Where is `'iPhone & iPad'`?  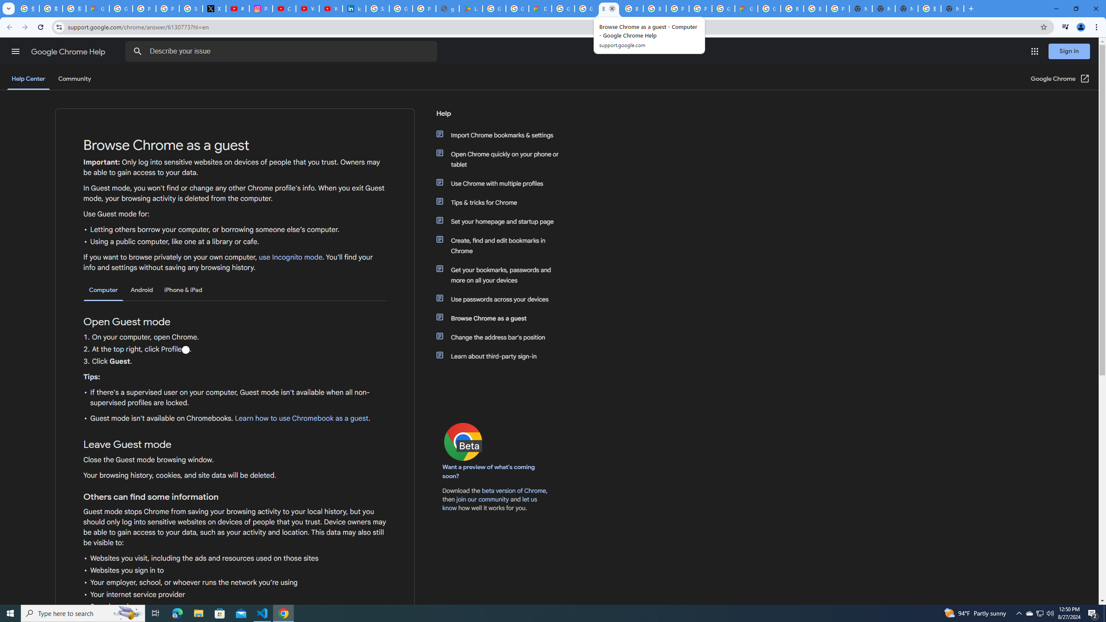
'iPhone & iPad' is located at coordinates (183, 289).